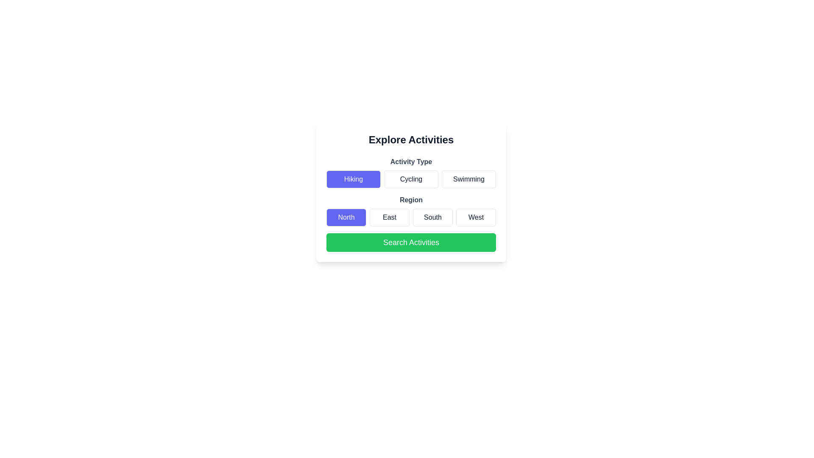  What do you see at coordinates (389, 217) in the screenshot?
I see `the 'East' button, which is the second button in a row of four in the 'Region' section of the grid layout, located between the 'North' and 'South' buttons` at bounding box center [389, 217].